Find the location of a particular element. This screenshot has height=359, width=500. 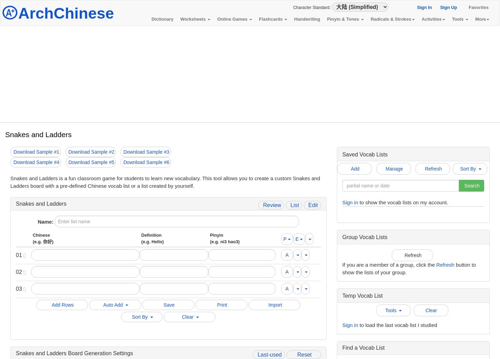

'Definition' is located at coordinates (141, 235).